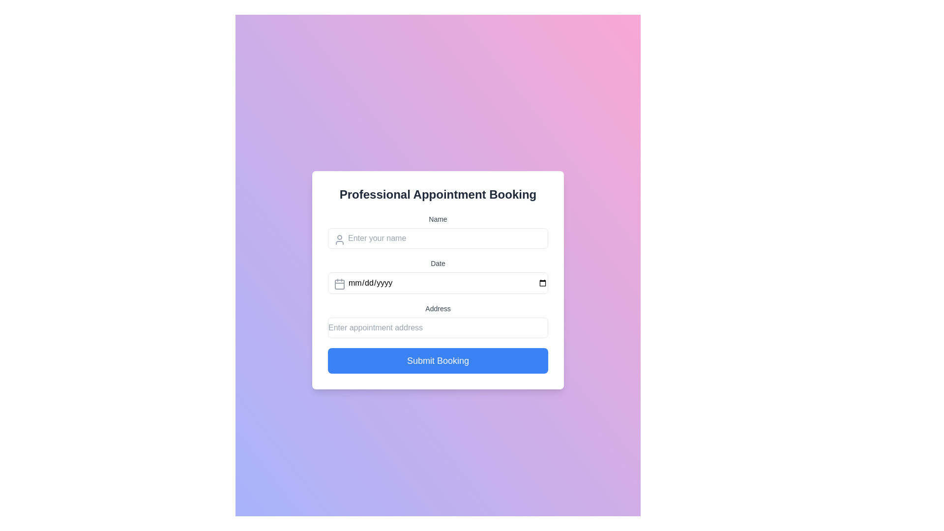  I want to click on the submit button located at the bottom of the form, which is used to submit the entered form data for booking, so click(438, 360).